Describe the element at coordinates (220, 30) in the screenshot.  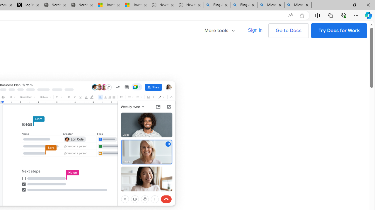
I see `'More tools'` at that location.